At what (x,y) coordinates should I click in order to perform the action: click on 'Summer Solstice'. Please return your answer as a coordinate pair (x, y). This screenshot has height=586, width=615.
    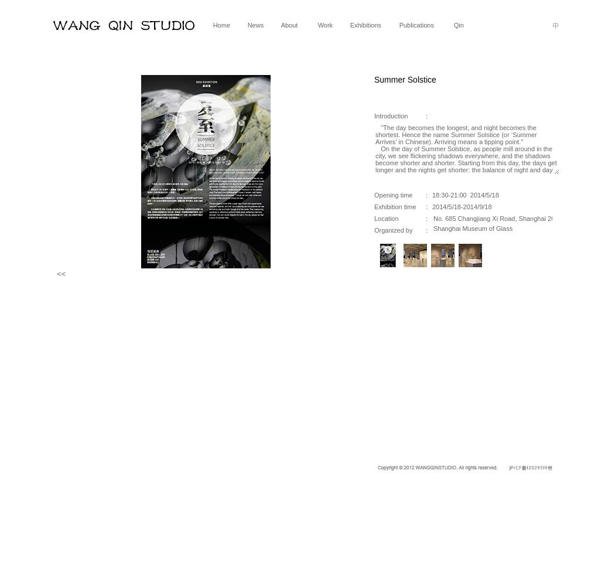
    Looking at the image, I should click on (374, 80).